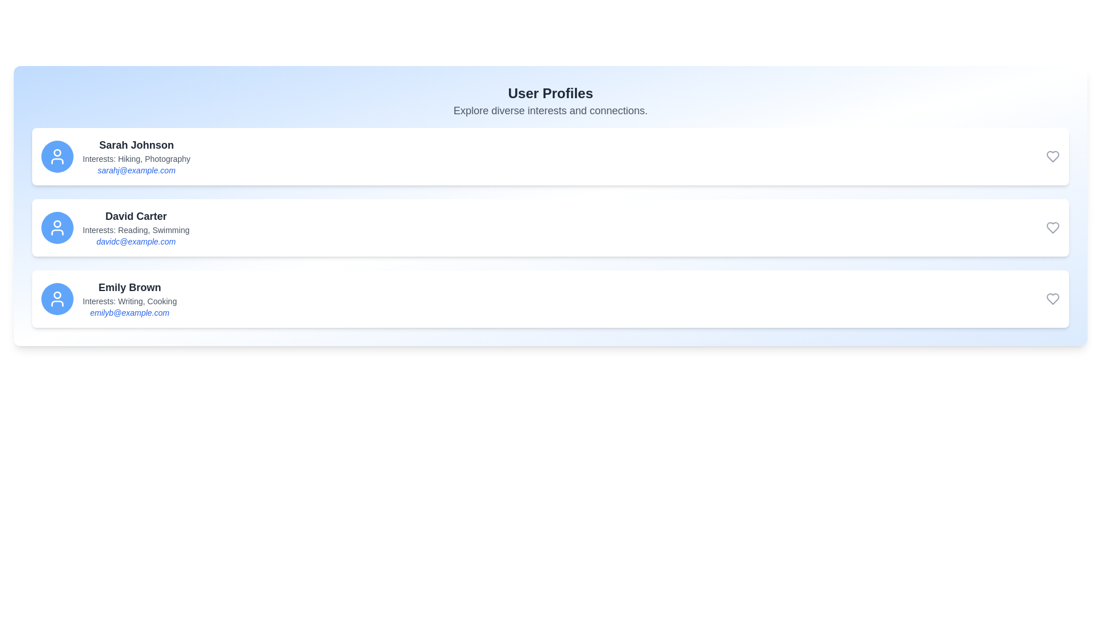 The height and width of the screenshot is (620, 1103). Describe the element at coordinates (550, 298) in the screenshot. I see `the user profile of Emily Brown to highlight it` at that location.